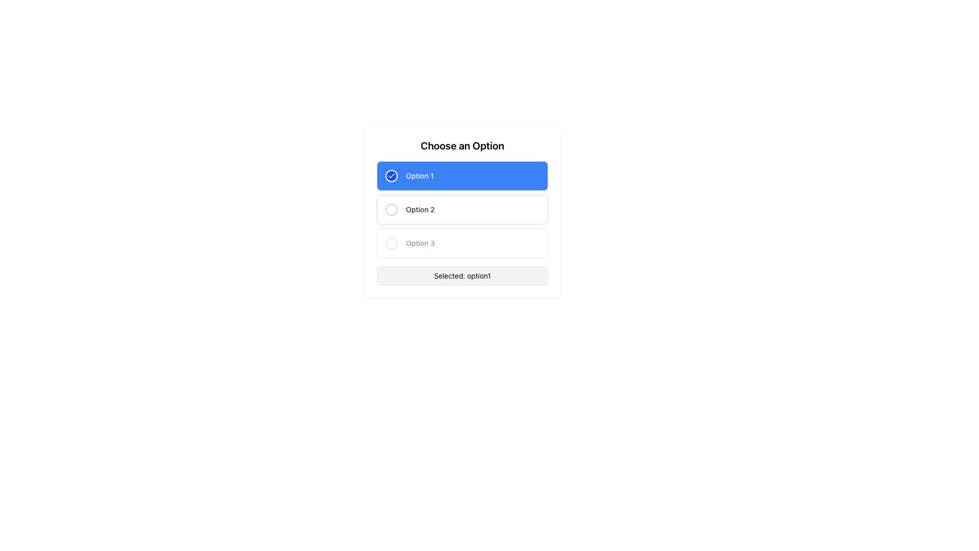  Describe the element at coordinates (462, 175) in the screenshot. I see `the first radio button labeled 'Option 1' with a blue background and a white checkmark` at that location.